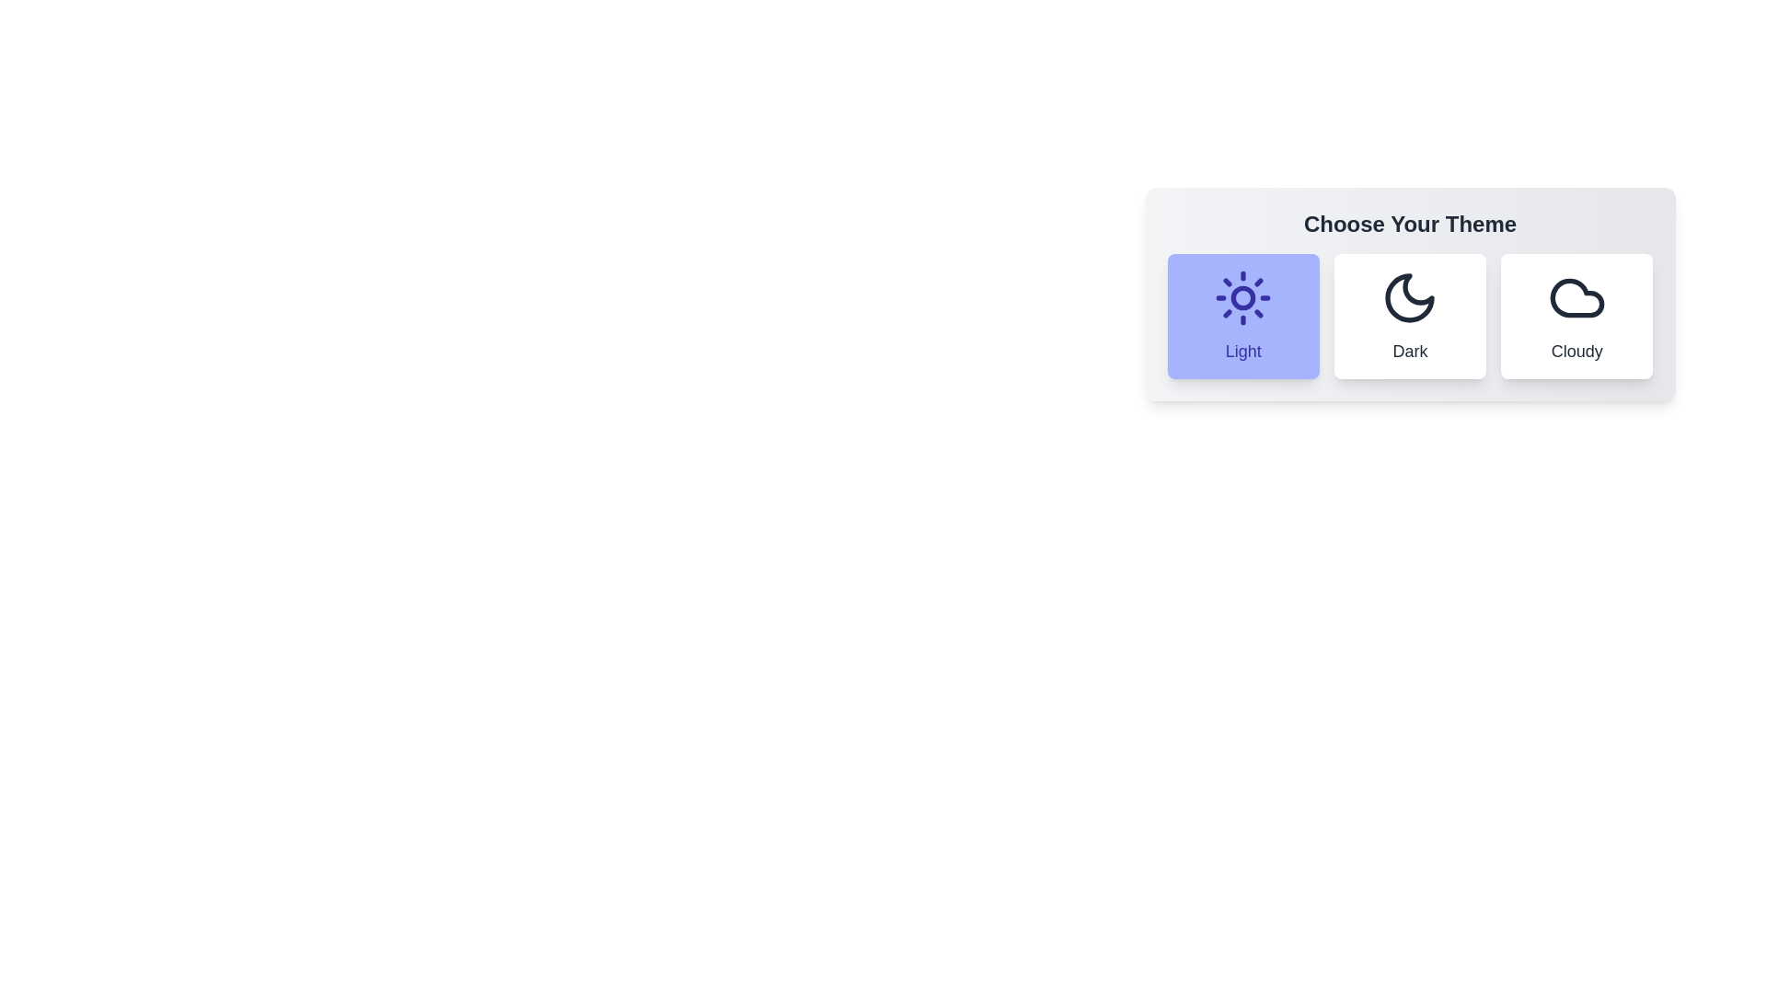 The image size is (1767, 994). Describe the element at coordinates (1243, 351) in the screenshot. I see `text label that describes the 'Light' theme, which is positioned beneath the sun icon in the first themed card` at that location.